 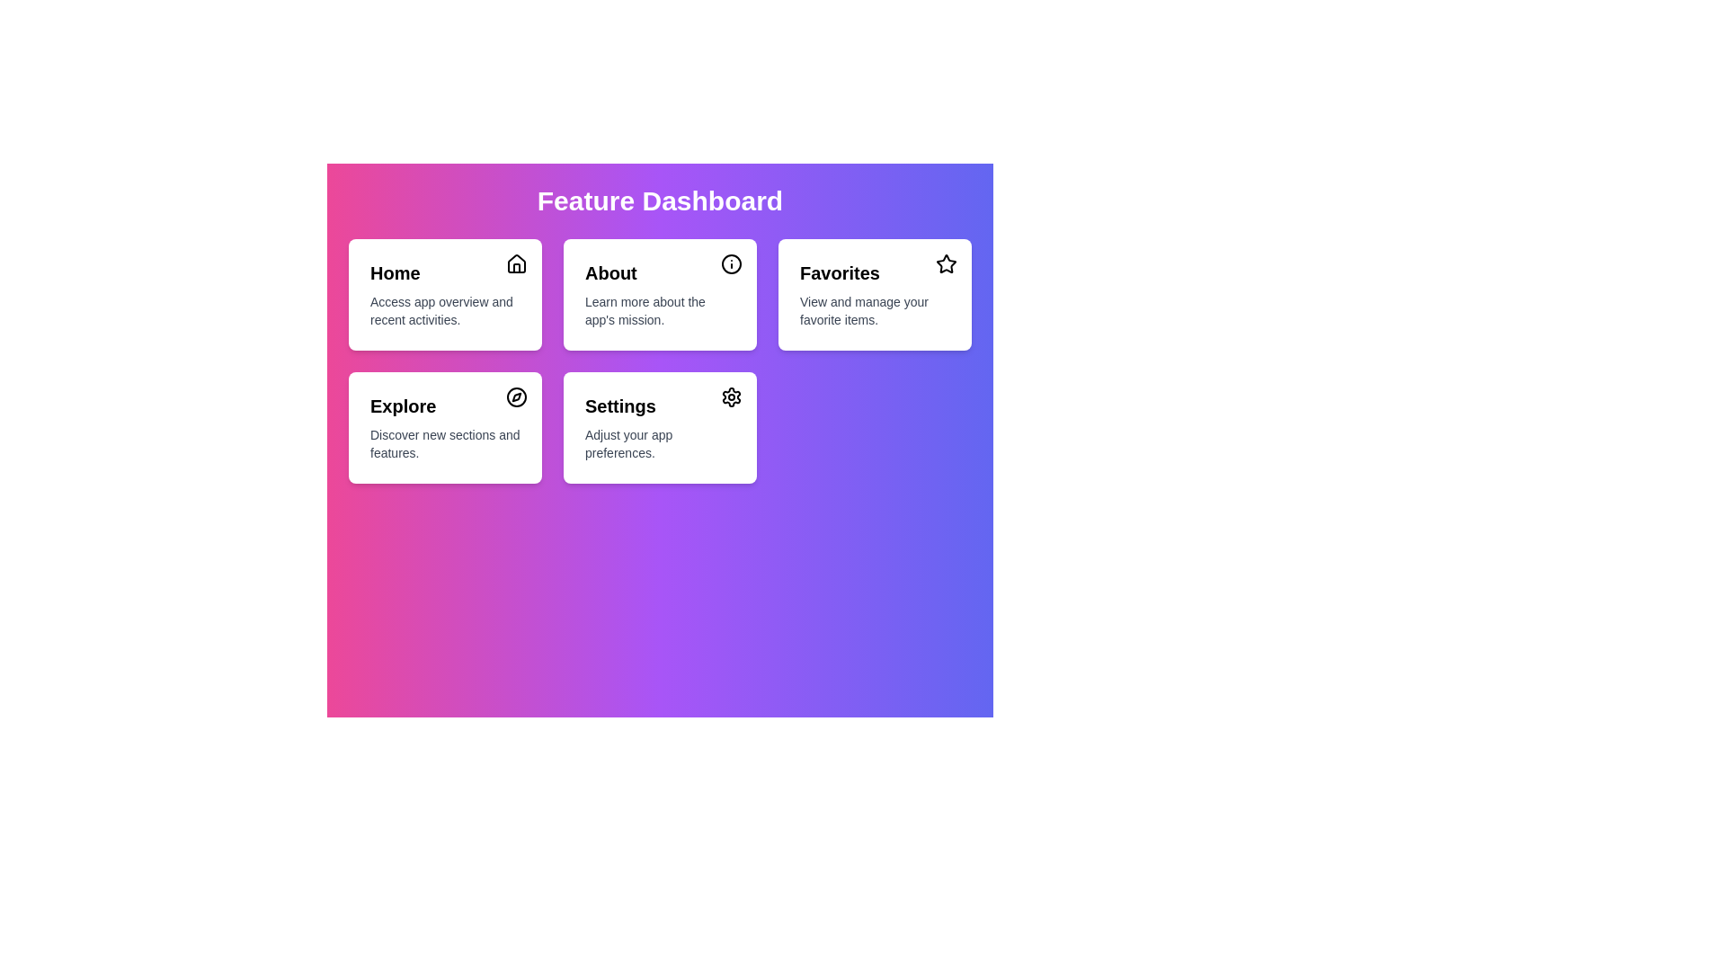 What do you see at coordinates (659, 427) in the screenshot?
I see `the menu item Settings to see its hover effect` at bounding box center [659, 427].